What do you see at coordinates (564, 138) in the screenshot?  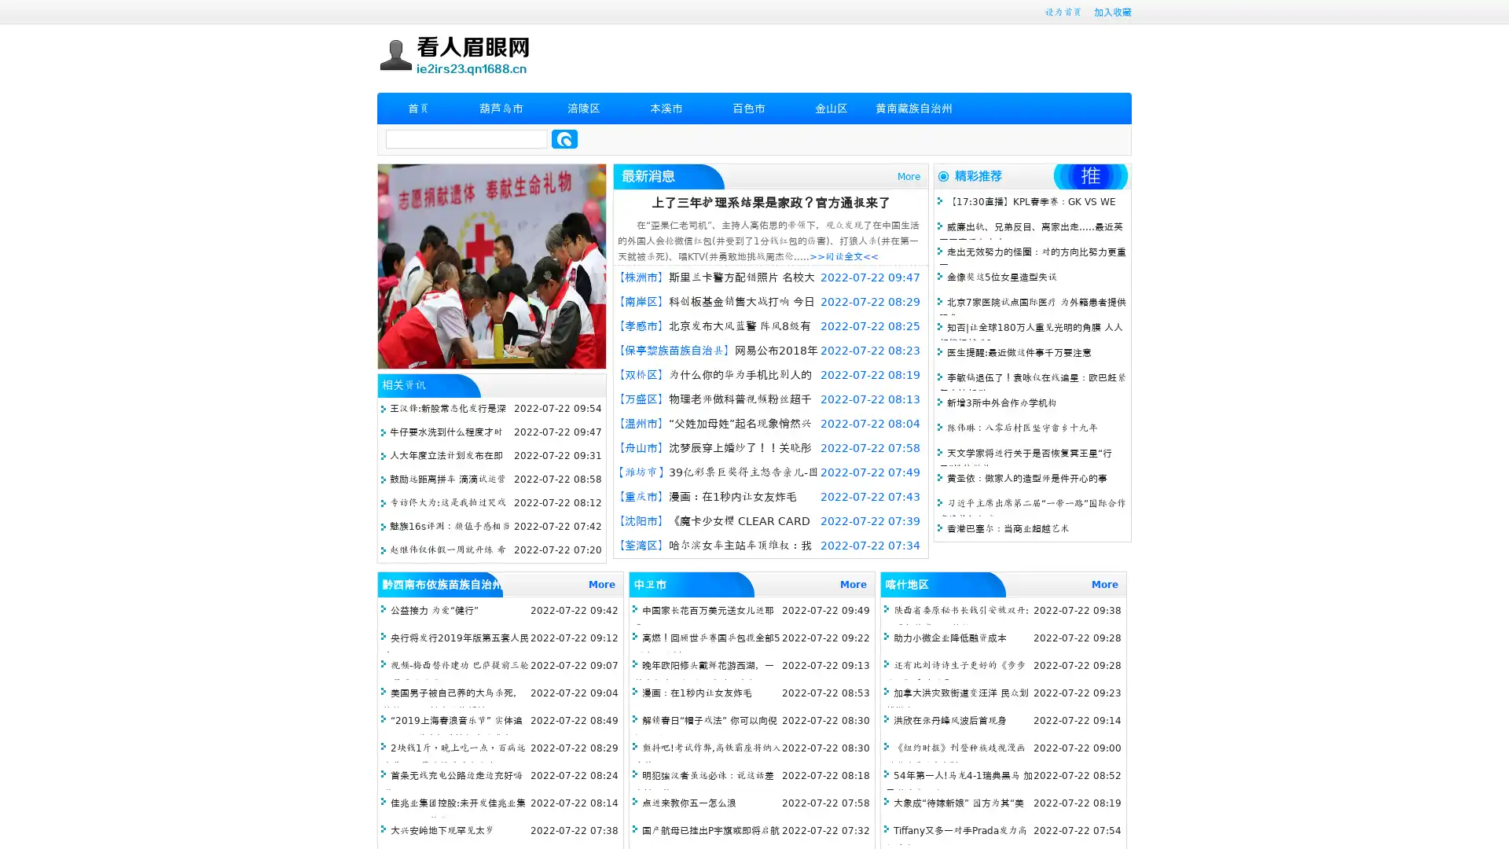 I see `Search` at bounding box center [564, 138].